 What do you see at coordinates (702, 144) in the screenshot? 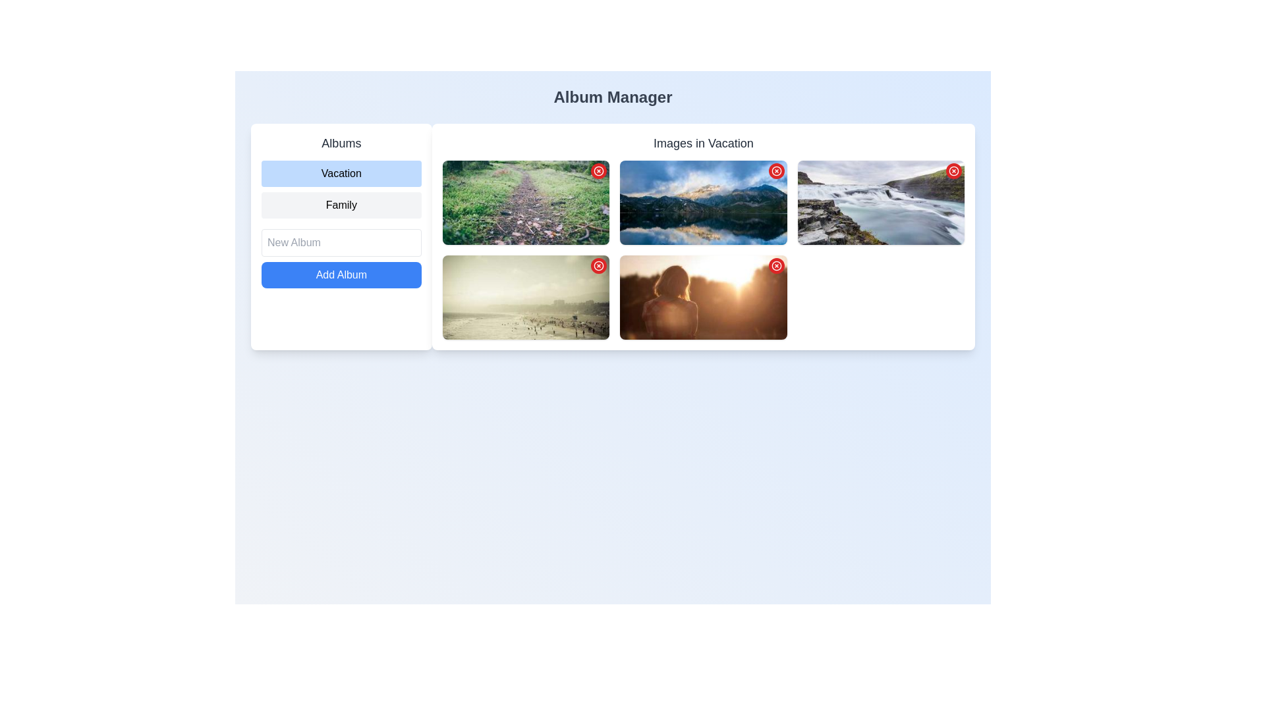
I see `the text label displaying 'Images in Vacation' which is centrally aligned above a grid of images` at bounding box center [702, 144].